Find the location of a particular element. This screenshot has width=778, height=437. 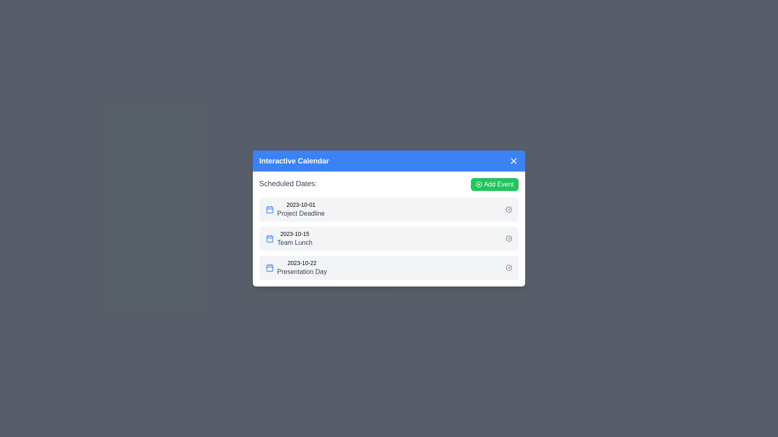

the check-circle icon next to the event corresponding to Team Lunch is located at coordinates (509, 238).